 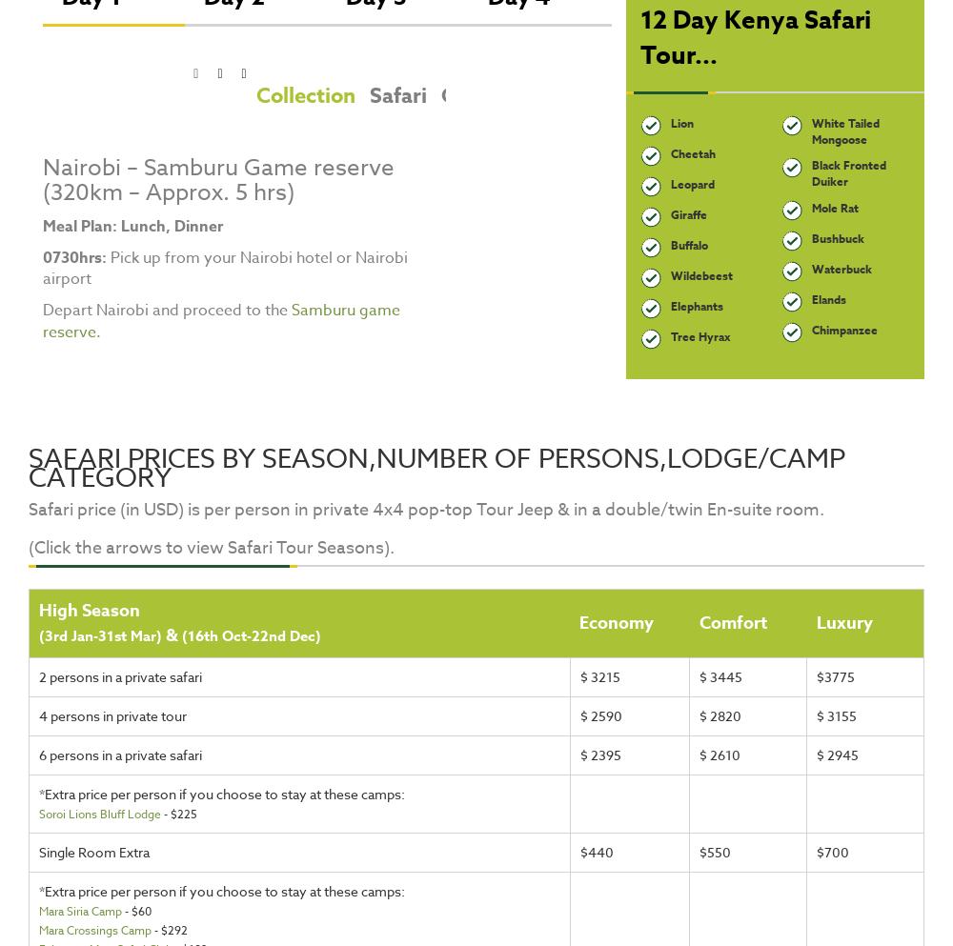 What do you see at coordinates (89, 608) in the screenshot?
I see `'High Season'` at bounding box center [89, 608].